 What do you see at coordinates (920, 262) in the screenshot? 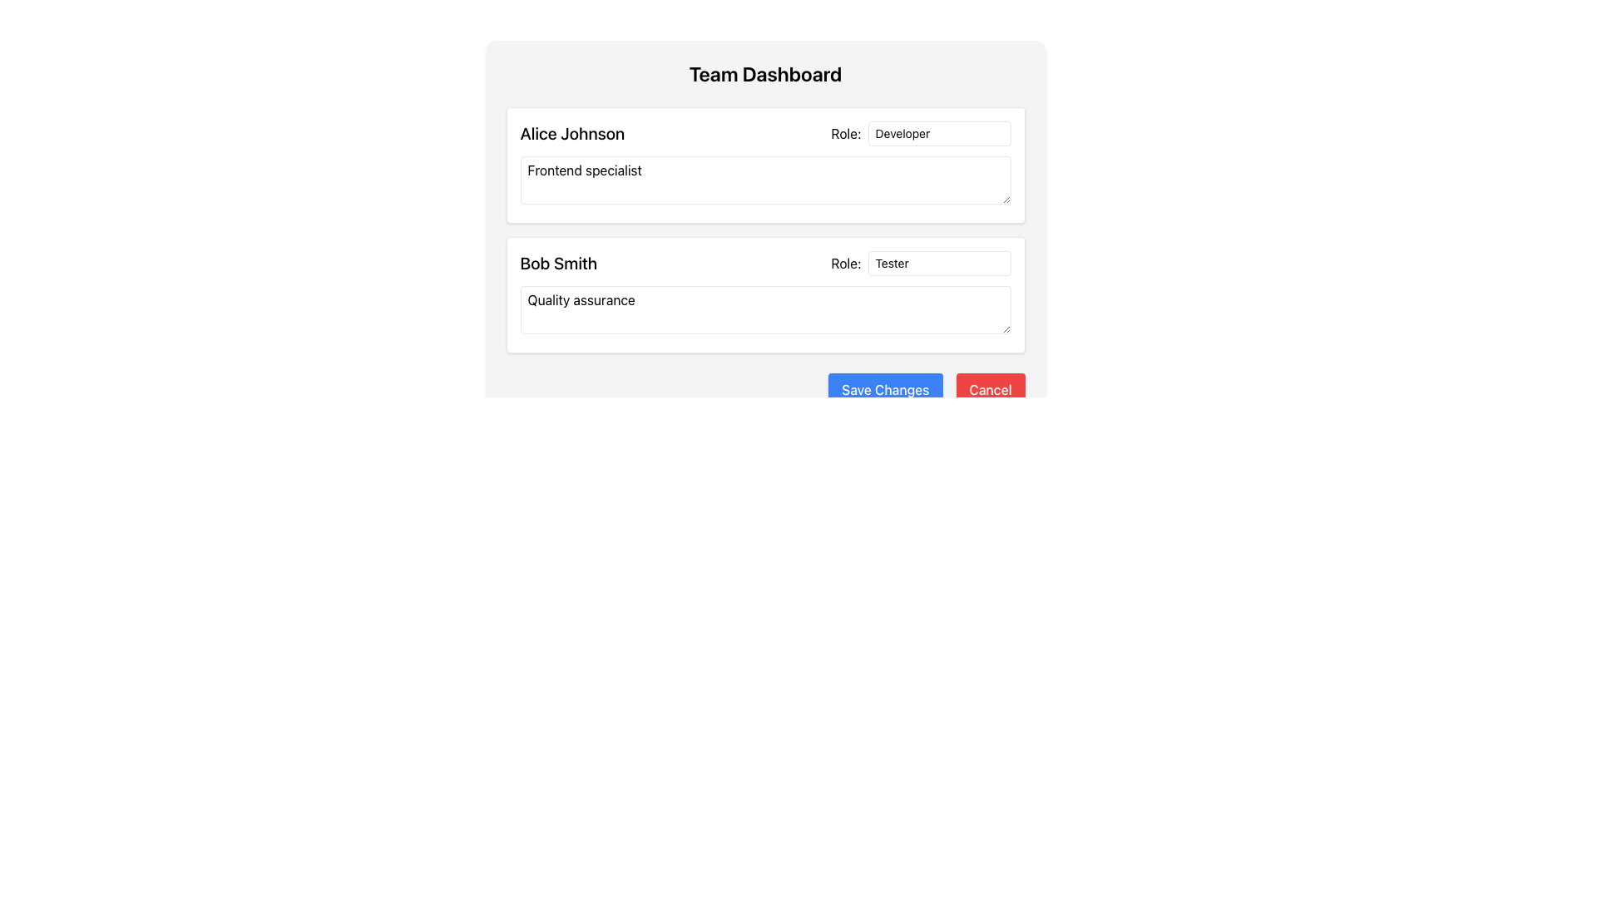
I see `the labeled input box for 'Bob Smith'` at bounding box center [920, 262].